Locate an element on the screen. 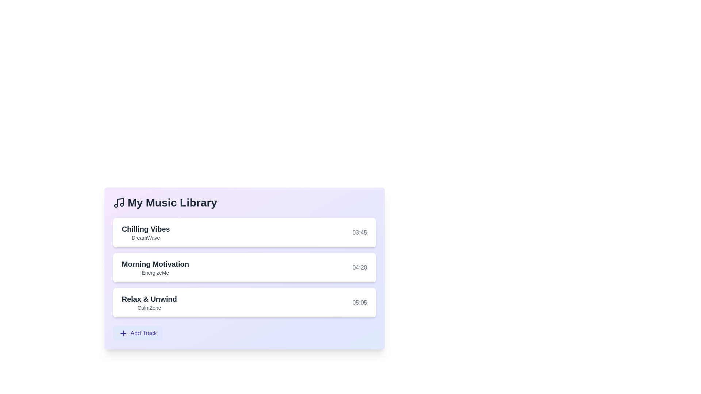 The width and height of the screenshot is (701, 394). the duration of the track Chilling Vibes is located at coordinates (359, 232).